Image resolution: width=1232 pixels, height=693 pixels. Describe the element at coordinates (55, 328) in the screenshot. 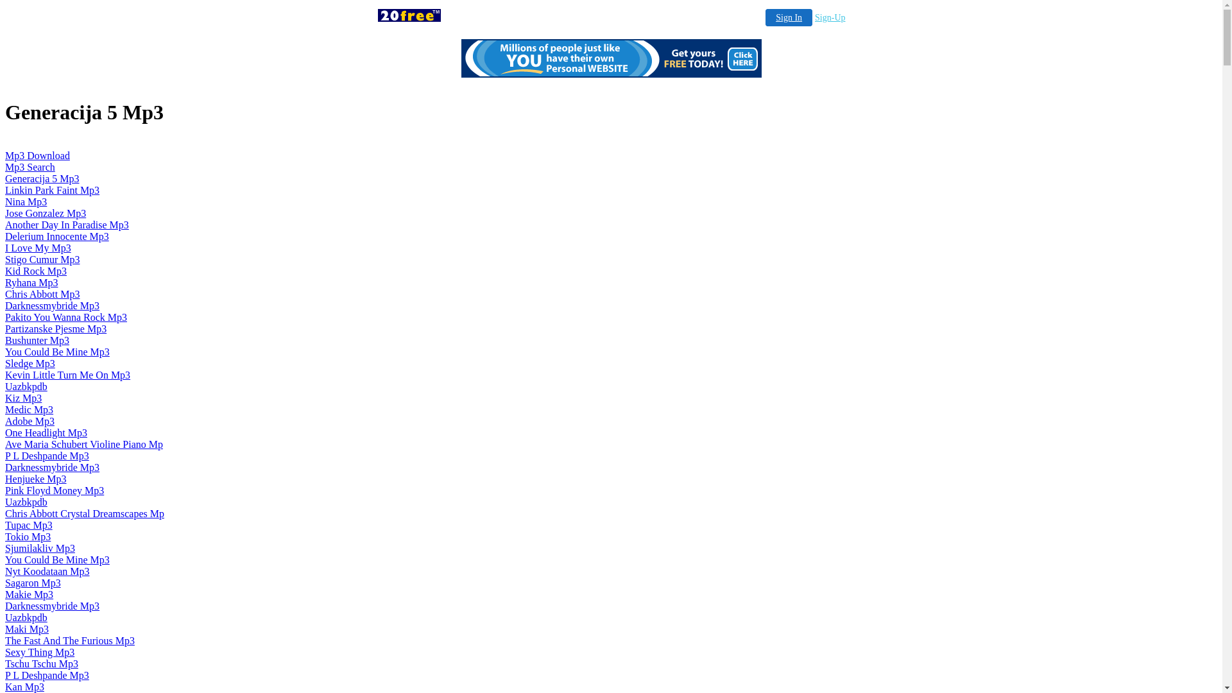

I see `'Partizanske Pjesme Mp3'` at that location.